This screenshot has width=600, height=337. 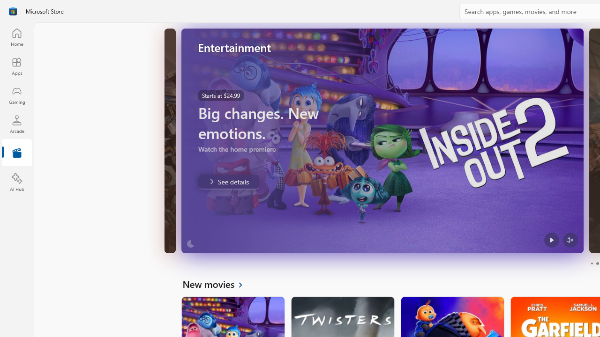 What do you see at coordinates (16, 124) in the screenshot?
I see `'Arcade'` at bounding box center [16, 124].